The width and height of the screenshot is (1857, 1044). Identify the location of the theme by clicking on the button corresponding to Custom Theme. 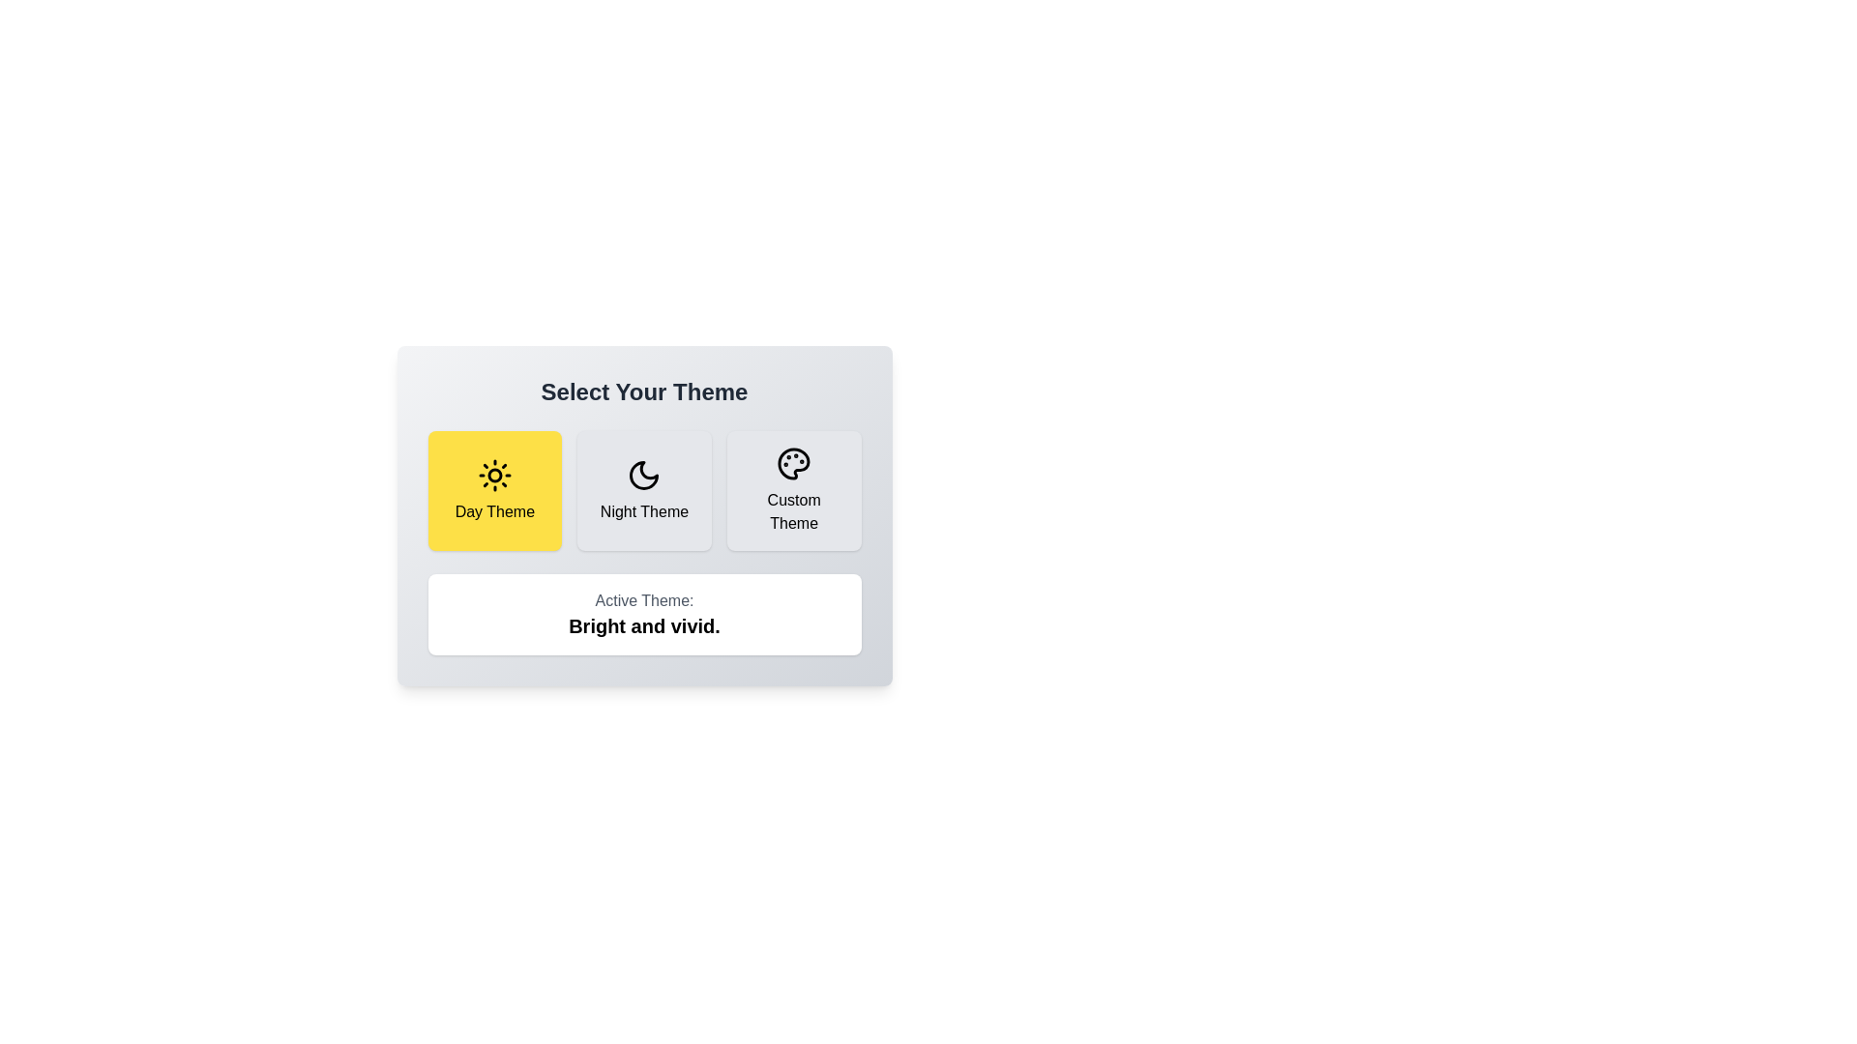
(794, 490).